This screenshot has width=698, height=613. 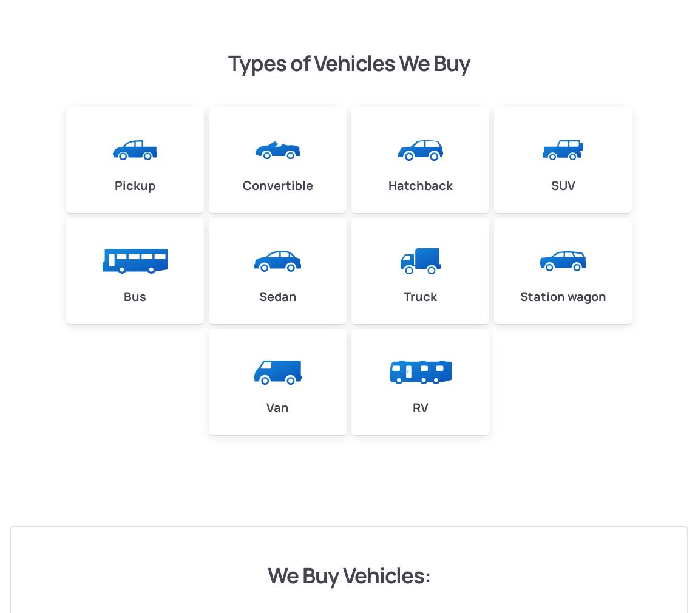 I want to click on 'Van', so click(x=266, y=406).